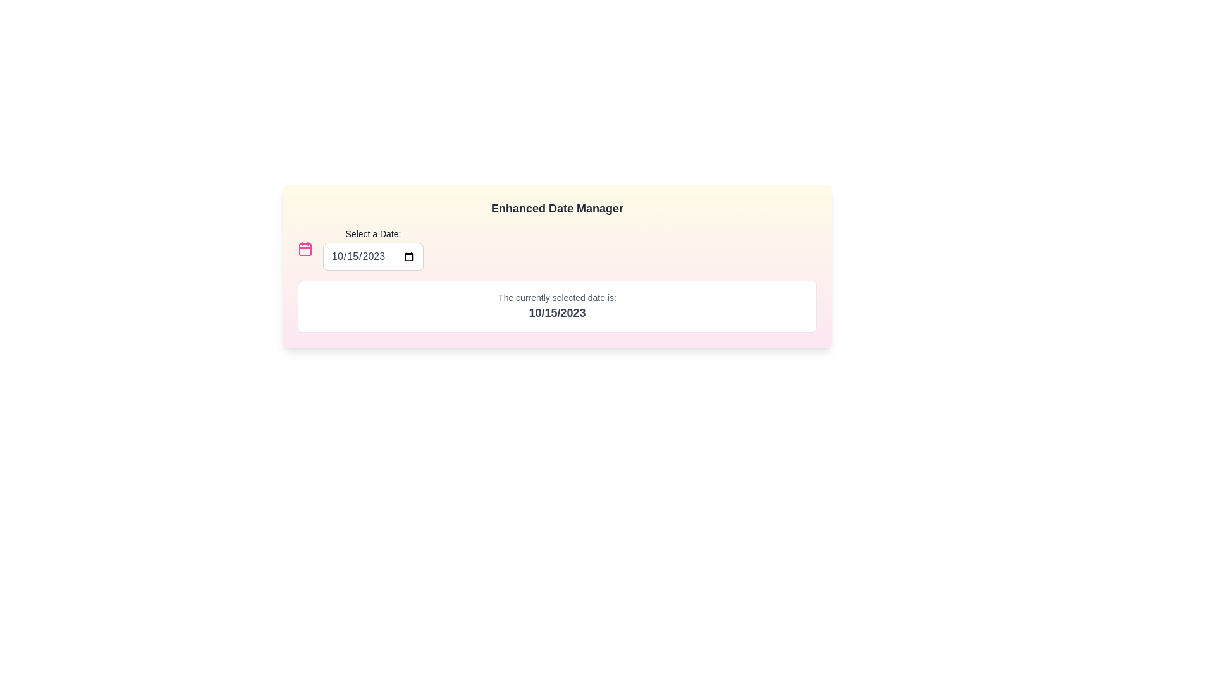 Image resolution: width=1214 pixels, height=683 pixels. What do you see at coordinates (372, 256) in the screenshot?
I see `the Date Input Field located below the label 'Select a Date:'` at bounding box center [372, 256].